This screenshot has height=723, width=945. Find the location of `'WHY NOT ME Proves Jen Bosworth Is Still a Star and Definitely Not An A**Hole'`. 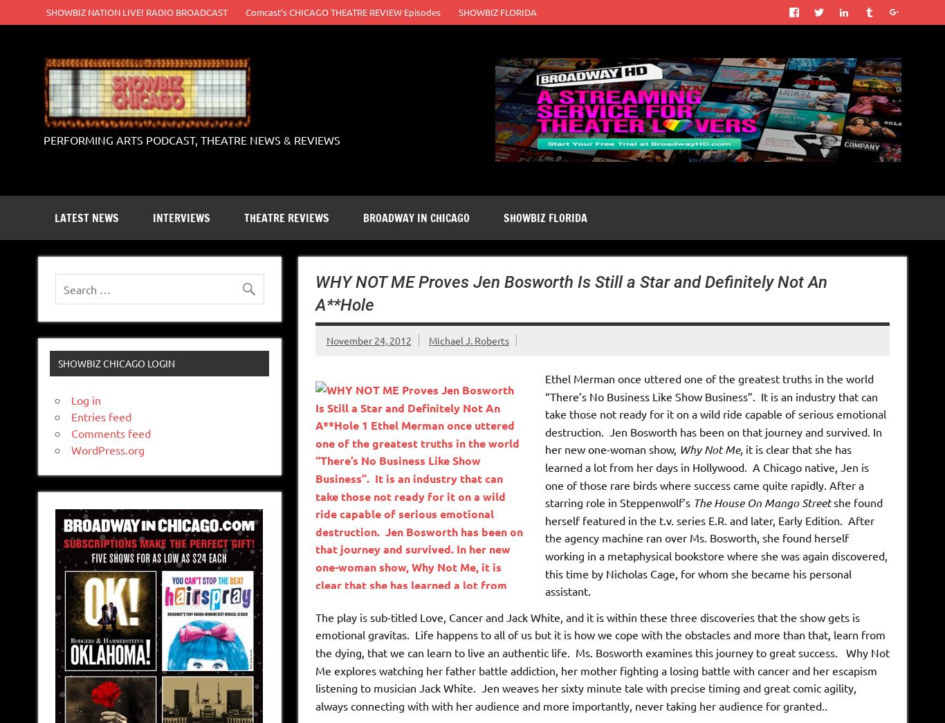

'WHY NOT ME Proves Jen Bosworth Is Still a Star and Definitely Not An A**Hole' is located at coordinates (314, 293).